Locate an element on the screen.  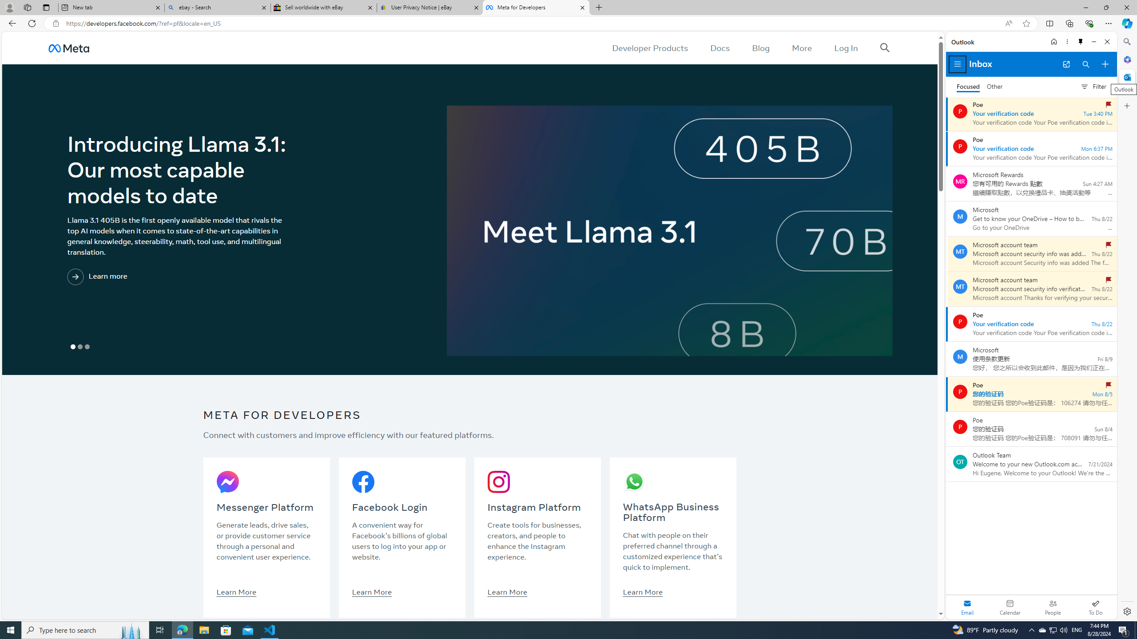
'People' is located at coordinates (1052, 607).